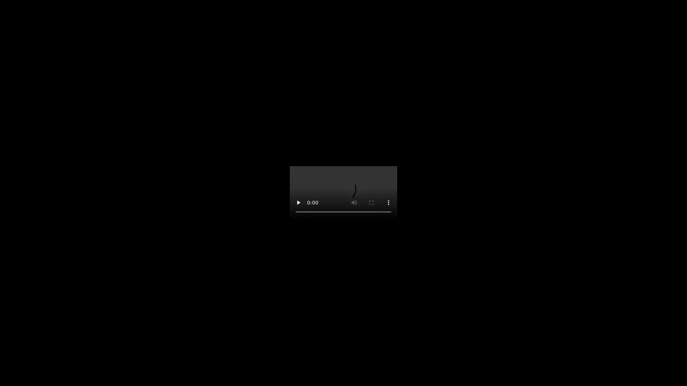 The image size is (687, 386). I want to click on mute, so click(354, 203).